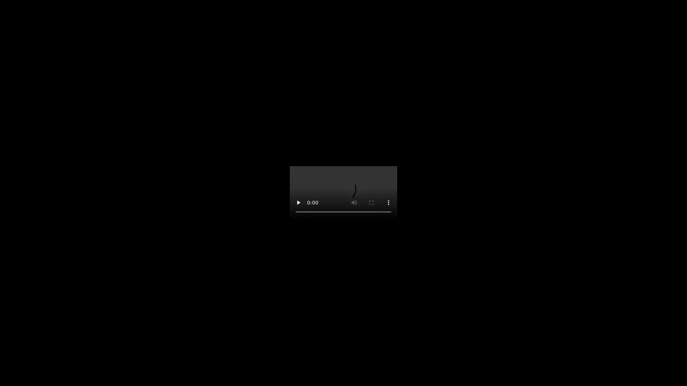 The image size is (687, 386). I want to click on mute, so click(354, 203).